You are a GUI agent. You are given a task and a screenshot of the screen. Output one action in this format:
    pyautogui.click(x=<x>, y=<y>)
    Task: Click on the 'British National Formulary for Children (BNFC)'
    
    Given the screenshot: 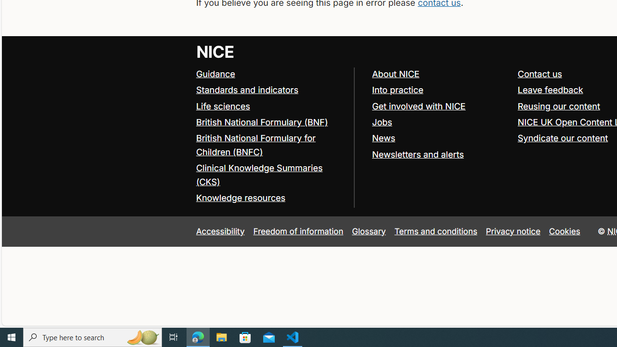 What is the action you would take?
    pyautogui.click(x=255, y=145)
    